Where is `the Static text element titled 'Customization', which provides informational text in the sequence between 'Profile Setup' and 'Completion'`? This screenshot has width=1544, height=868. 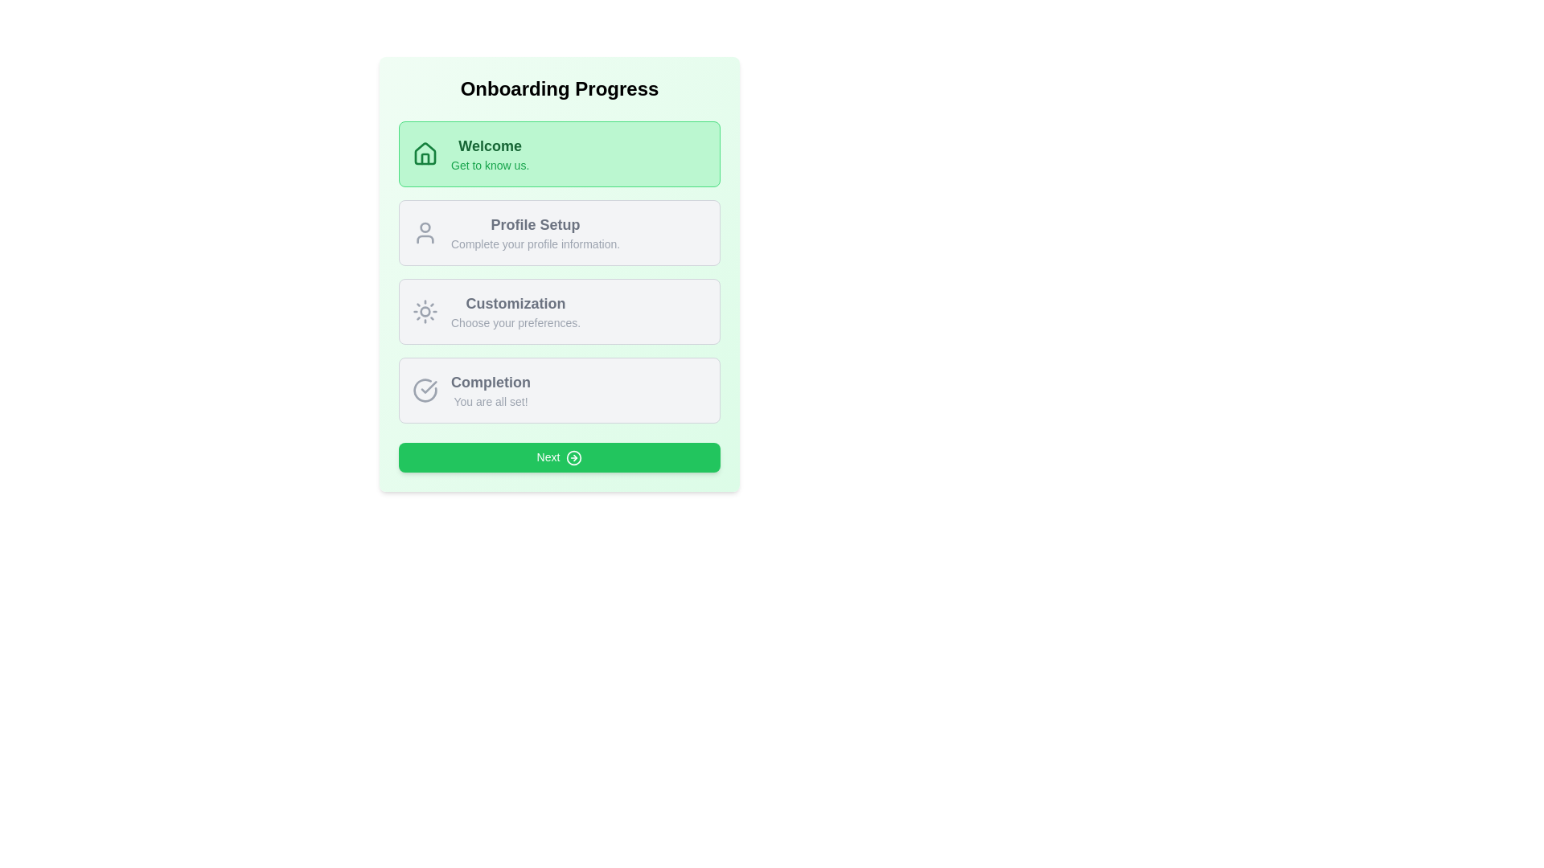
the Static text element titled 'Customization', which provides informational text in the sequence between 'Profile Setup' and 'Completion' is located at coordinates (515, 312).